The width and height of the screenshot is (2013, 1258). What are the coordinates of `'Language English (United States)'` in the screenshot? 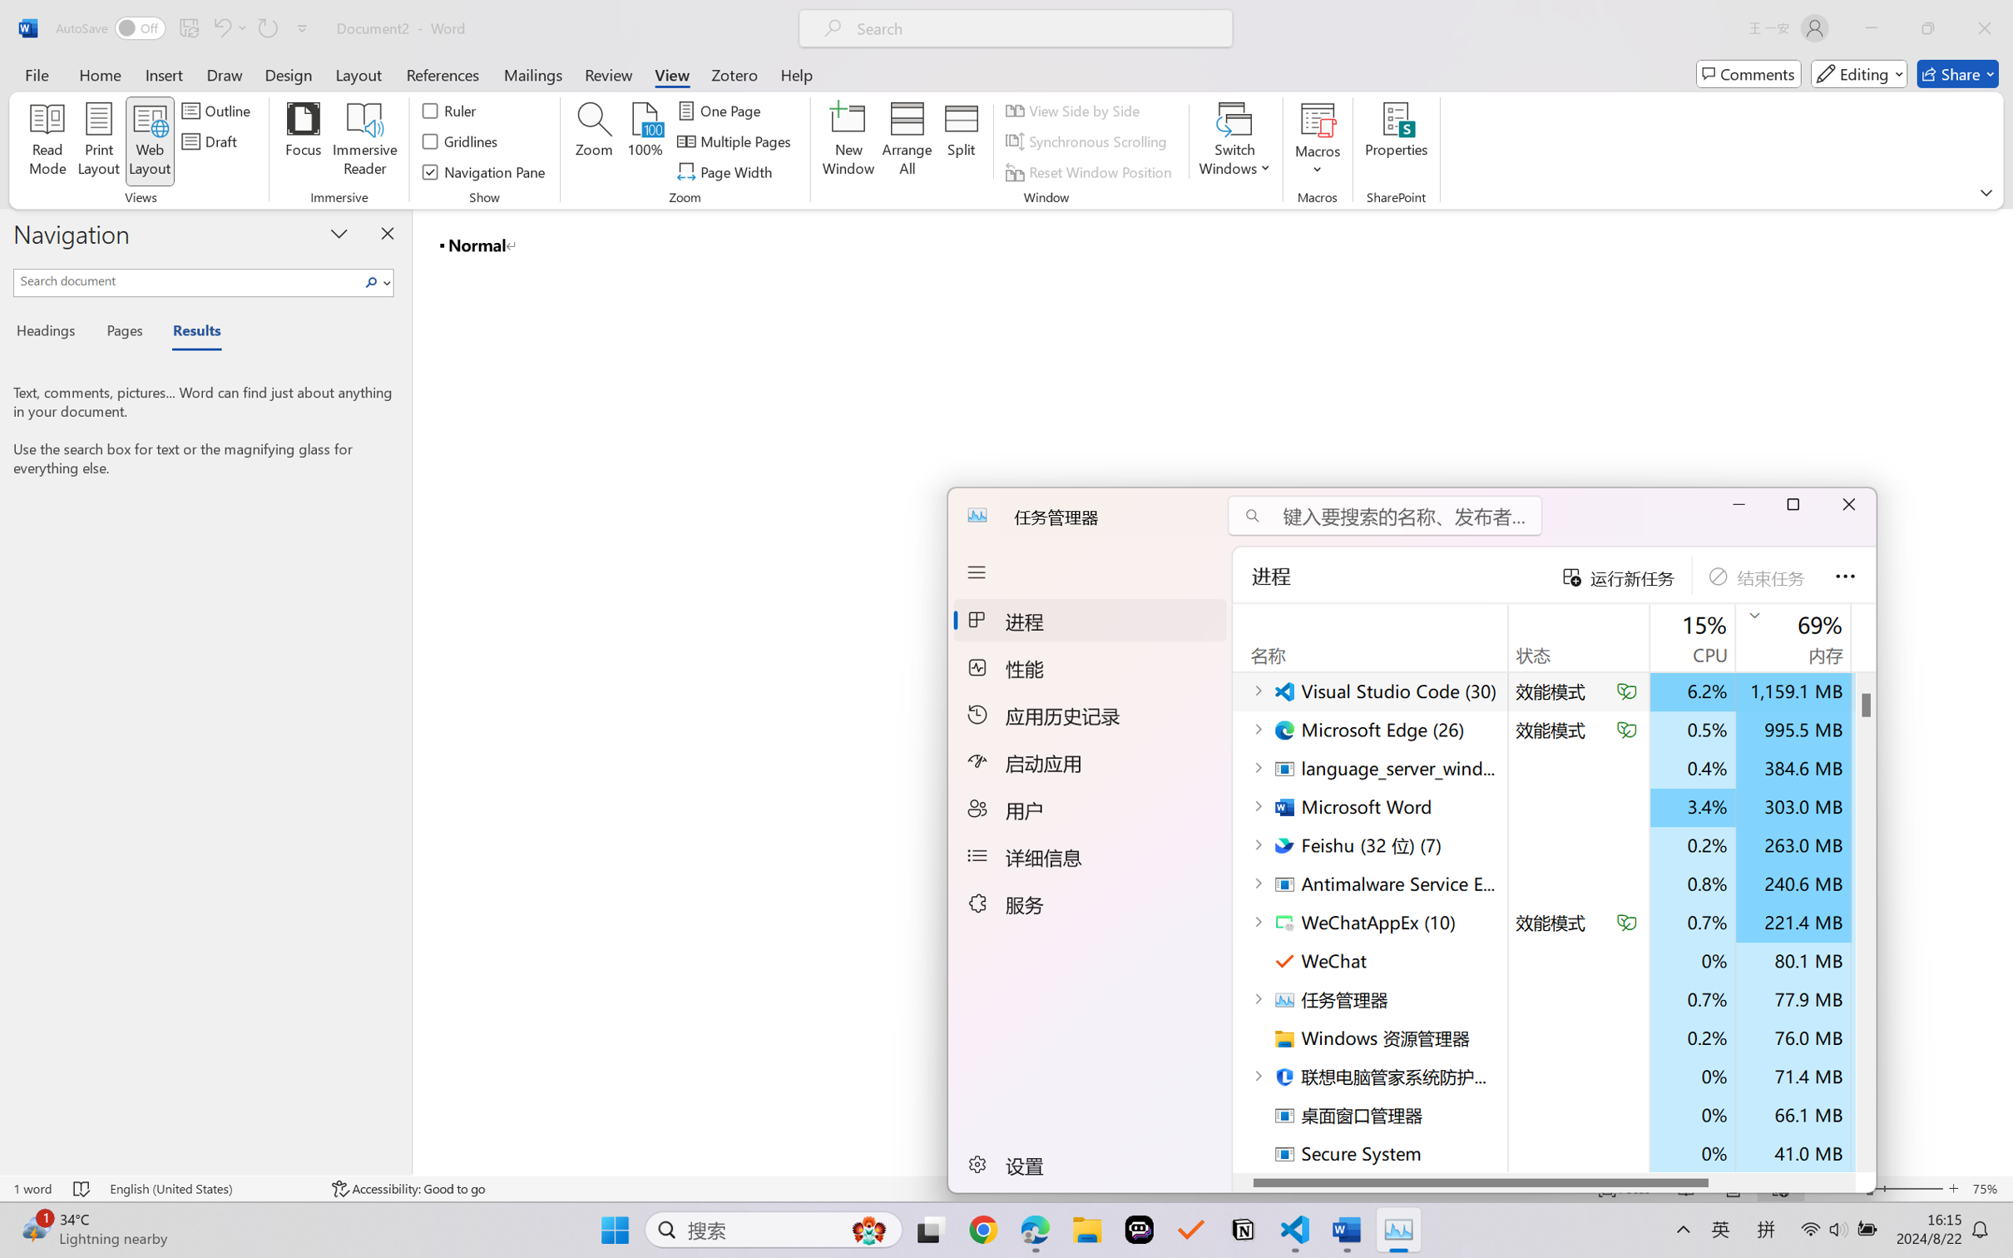 It's located at (209, 1188).